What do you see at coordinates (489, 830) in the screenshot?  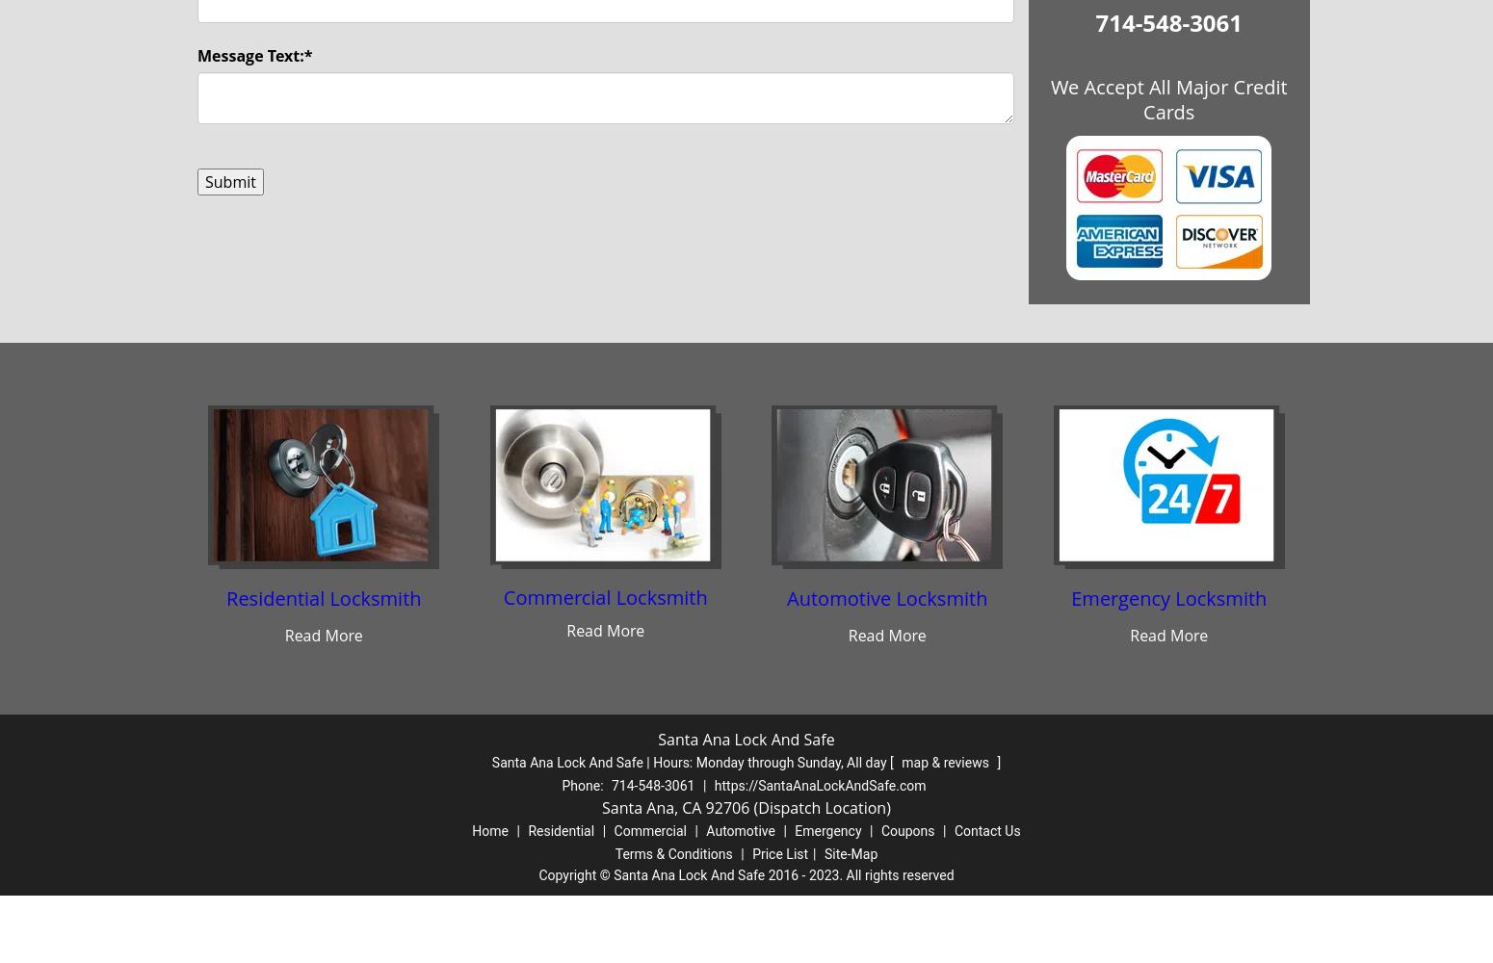 I see `'Home'` at bounding box center [489, 830].